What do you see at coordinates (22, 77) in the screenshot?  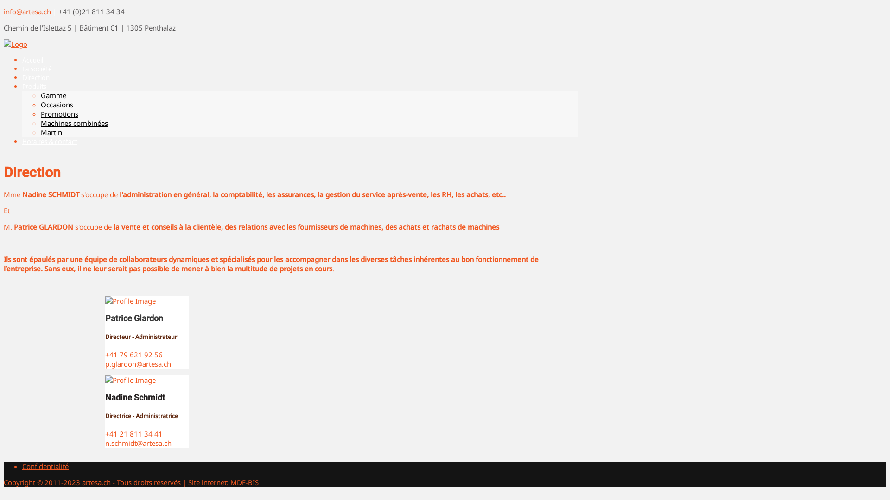 I see `'Direction'` at bounding box center [22, 77].